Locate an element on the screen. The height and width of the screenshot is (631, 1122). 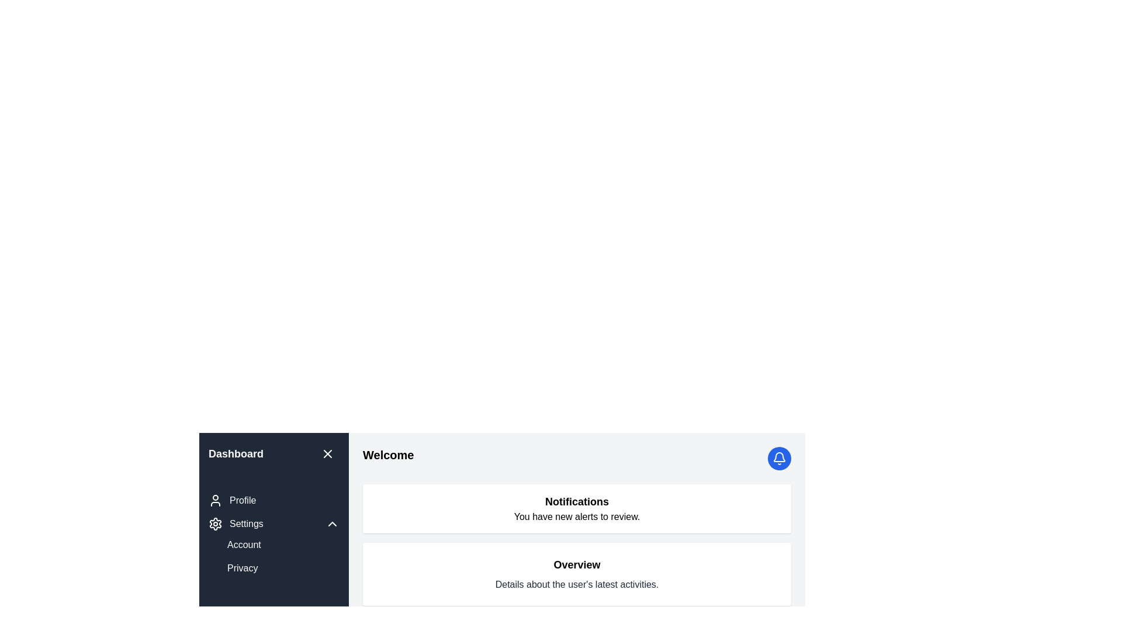
the upward-pointing chevron icon located within the 'Settings' sidebar menu is located at coordinates (332, 523).